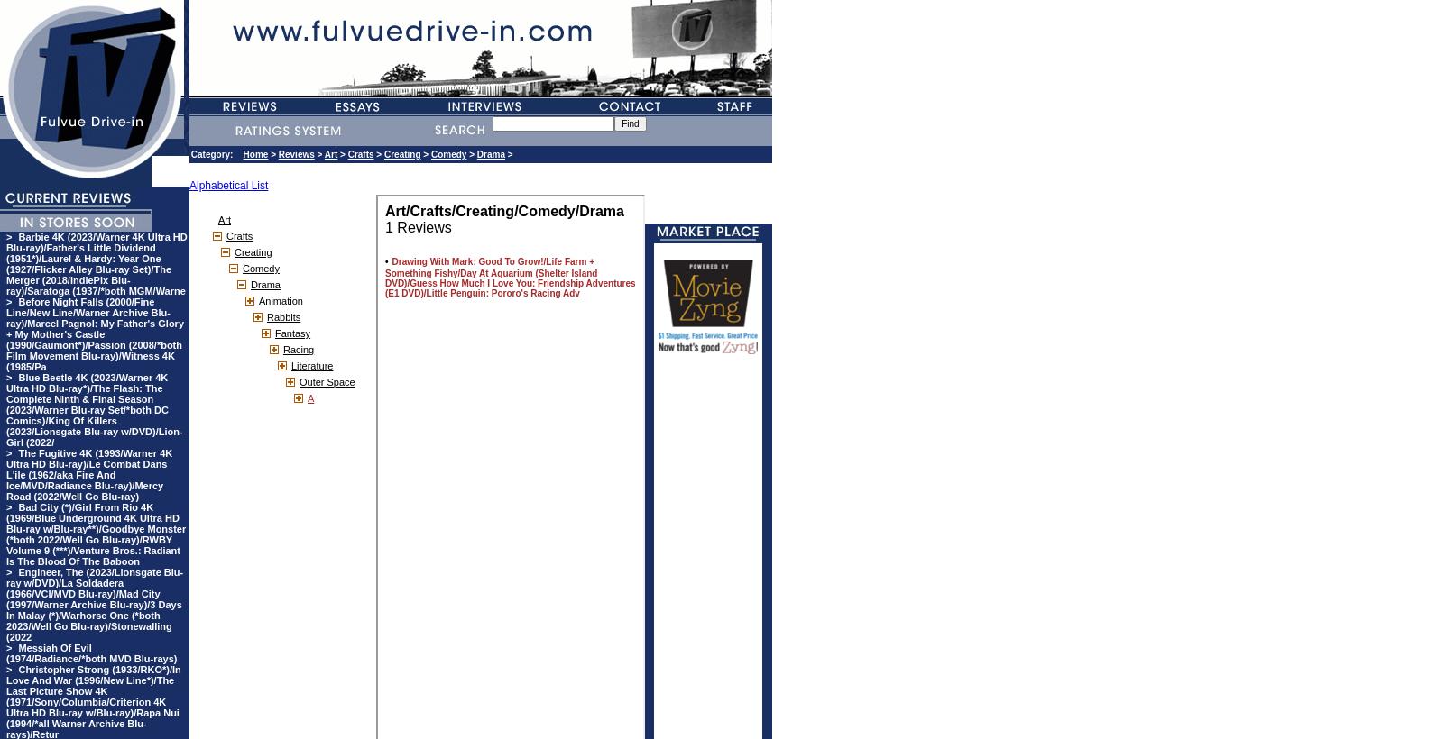 The image size is (1447, 739). What do you see at coordinates (5, 409) in the screenshot?
I see `'Blue Beetle 4K (2023/Warner 4K Ultra HD Blu-ray*)/The Flash: The Complete Ninth & Final Season (2023/Warner Blu-ray Set/*both DC Comics)/King Of Killers (2023/Lionsgate Blu-ray w/DVD)/Lion-Girl (2022/'` at bounding box center [5, 409].